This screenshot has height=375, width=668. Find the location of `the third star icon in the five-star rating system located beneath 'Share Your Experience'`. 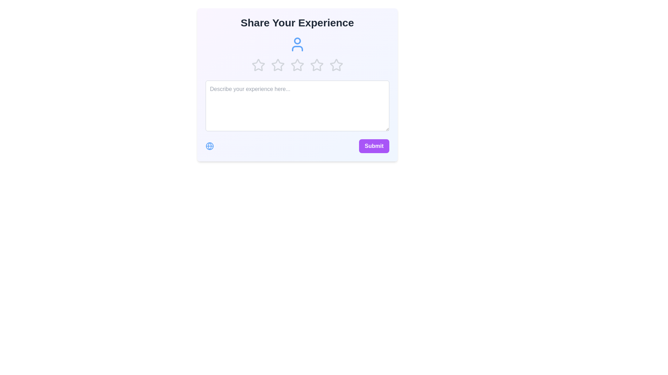

the third star icon in the five-star rating system located beneath 'Share Your Experience' is located at coordinates (297, 65).